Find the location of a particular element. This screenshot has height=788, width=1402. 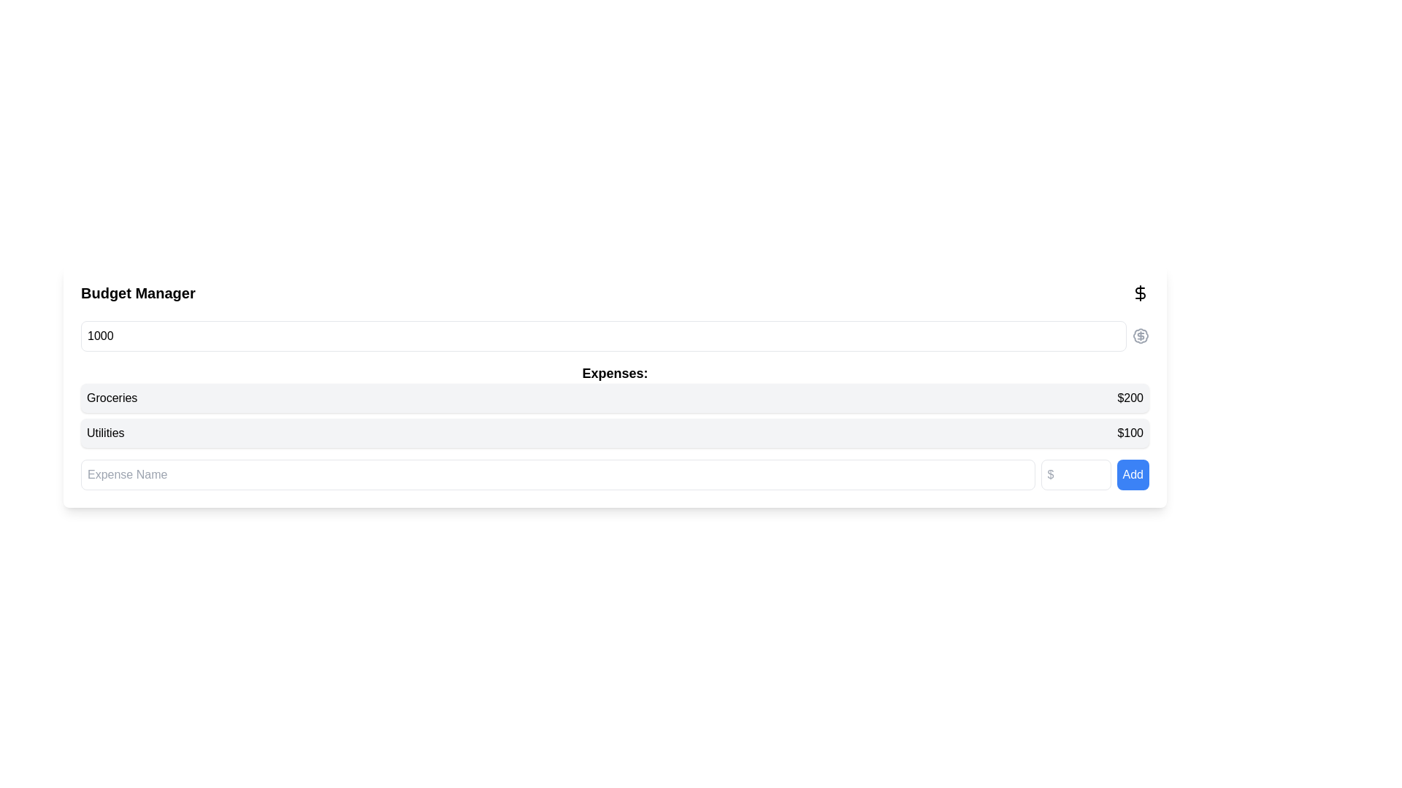

the text label displaying the value '$100' in bold font, located in a light-gray background next to the 'Utilities' label is located at coordinates (1130, 433).